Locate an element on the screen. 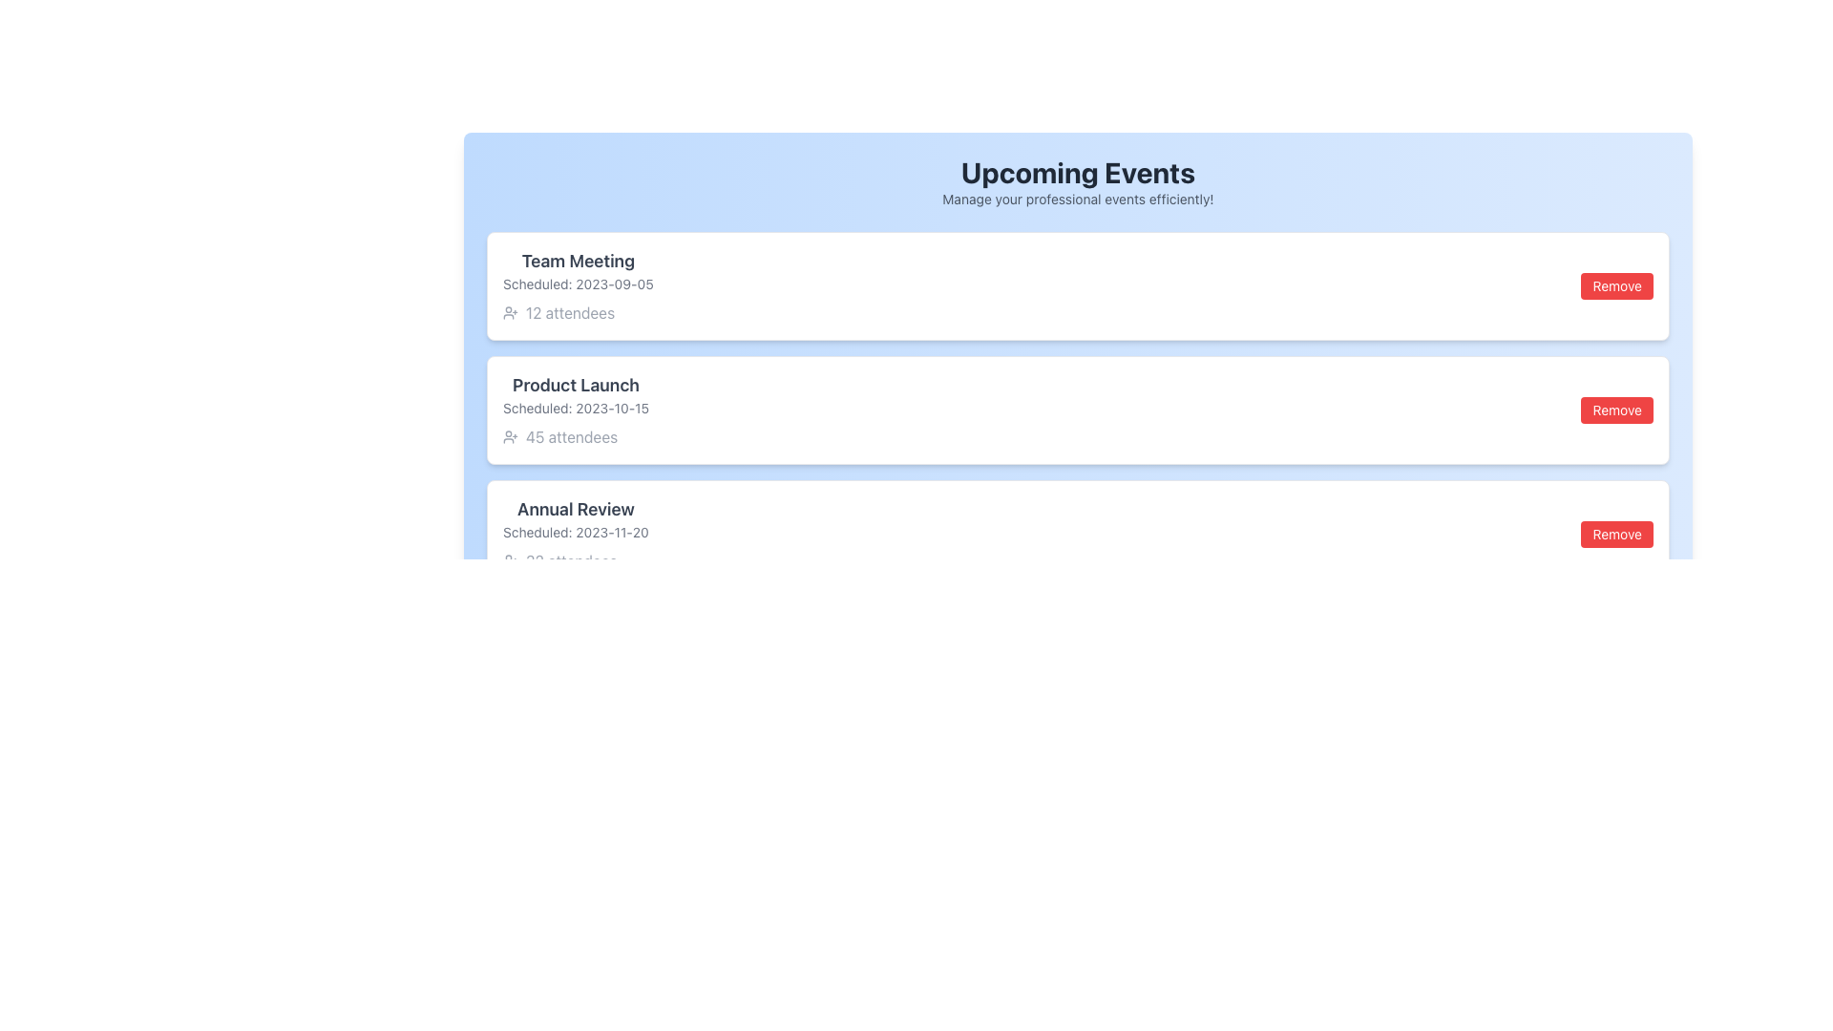  the second event card in the vertically stacked list is located at coordinates (1078, 409).